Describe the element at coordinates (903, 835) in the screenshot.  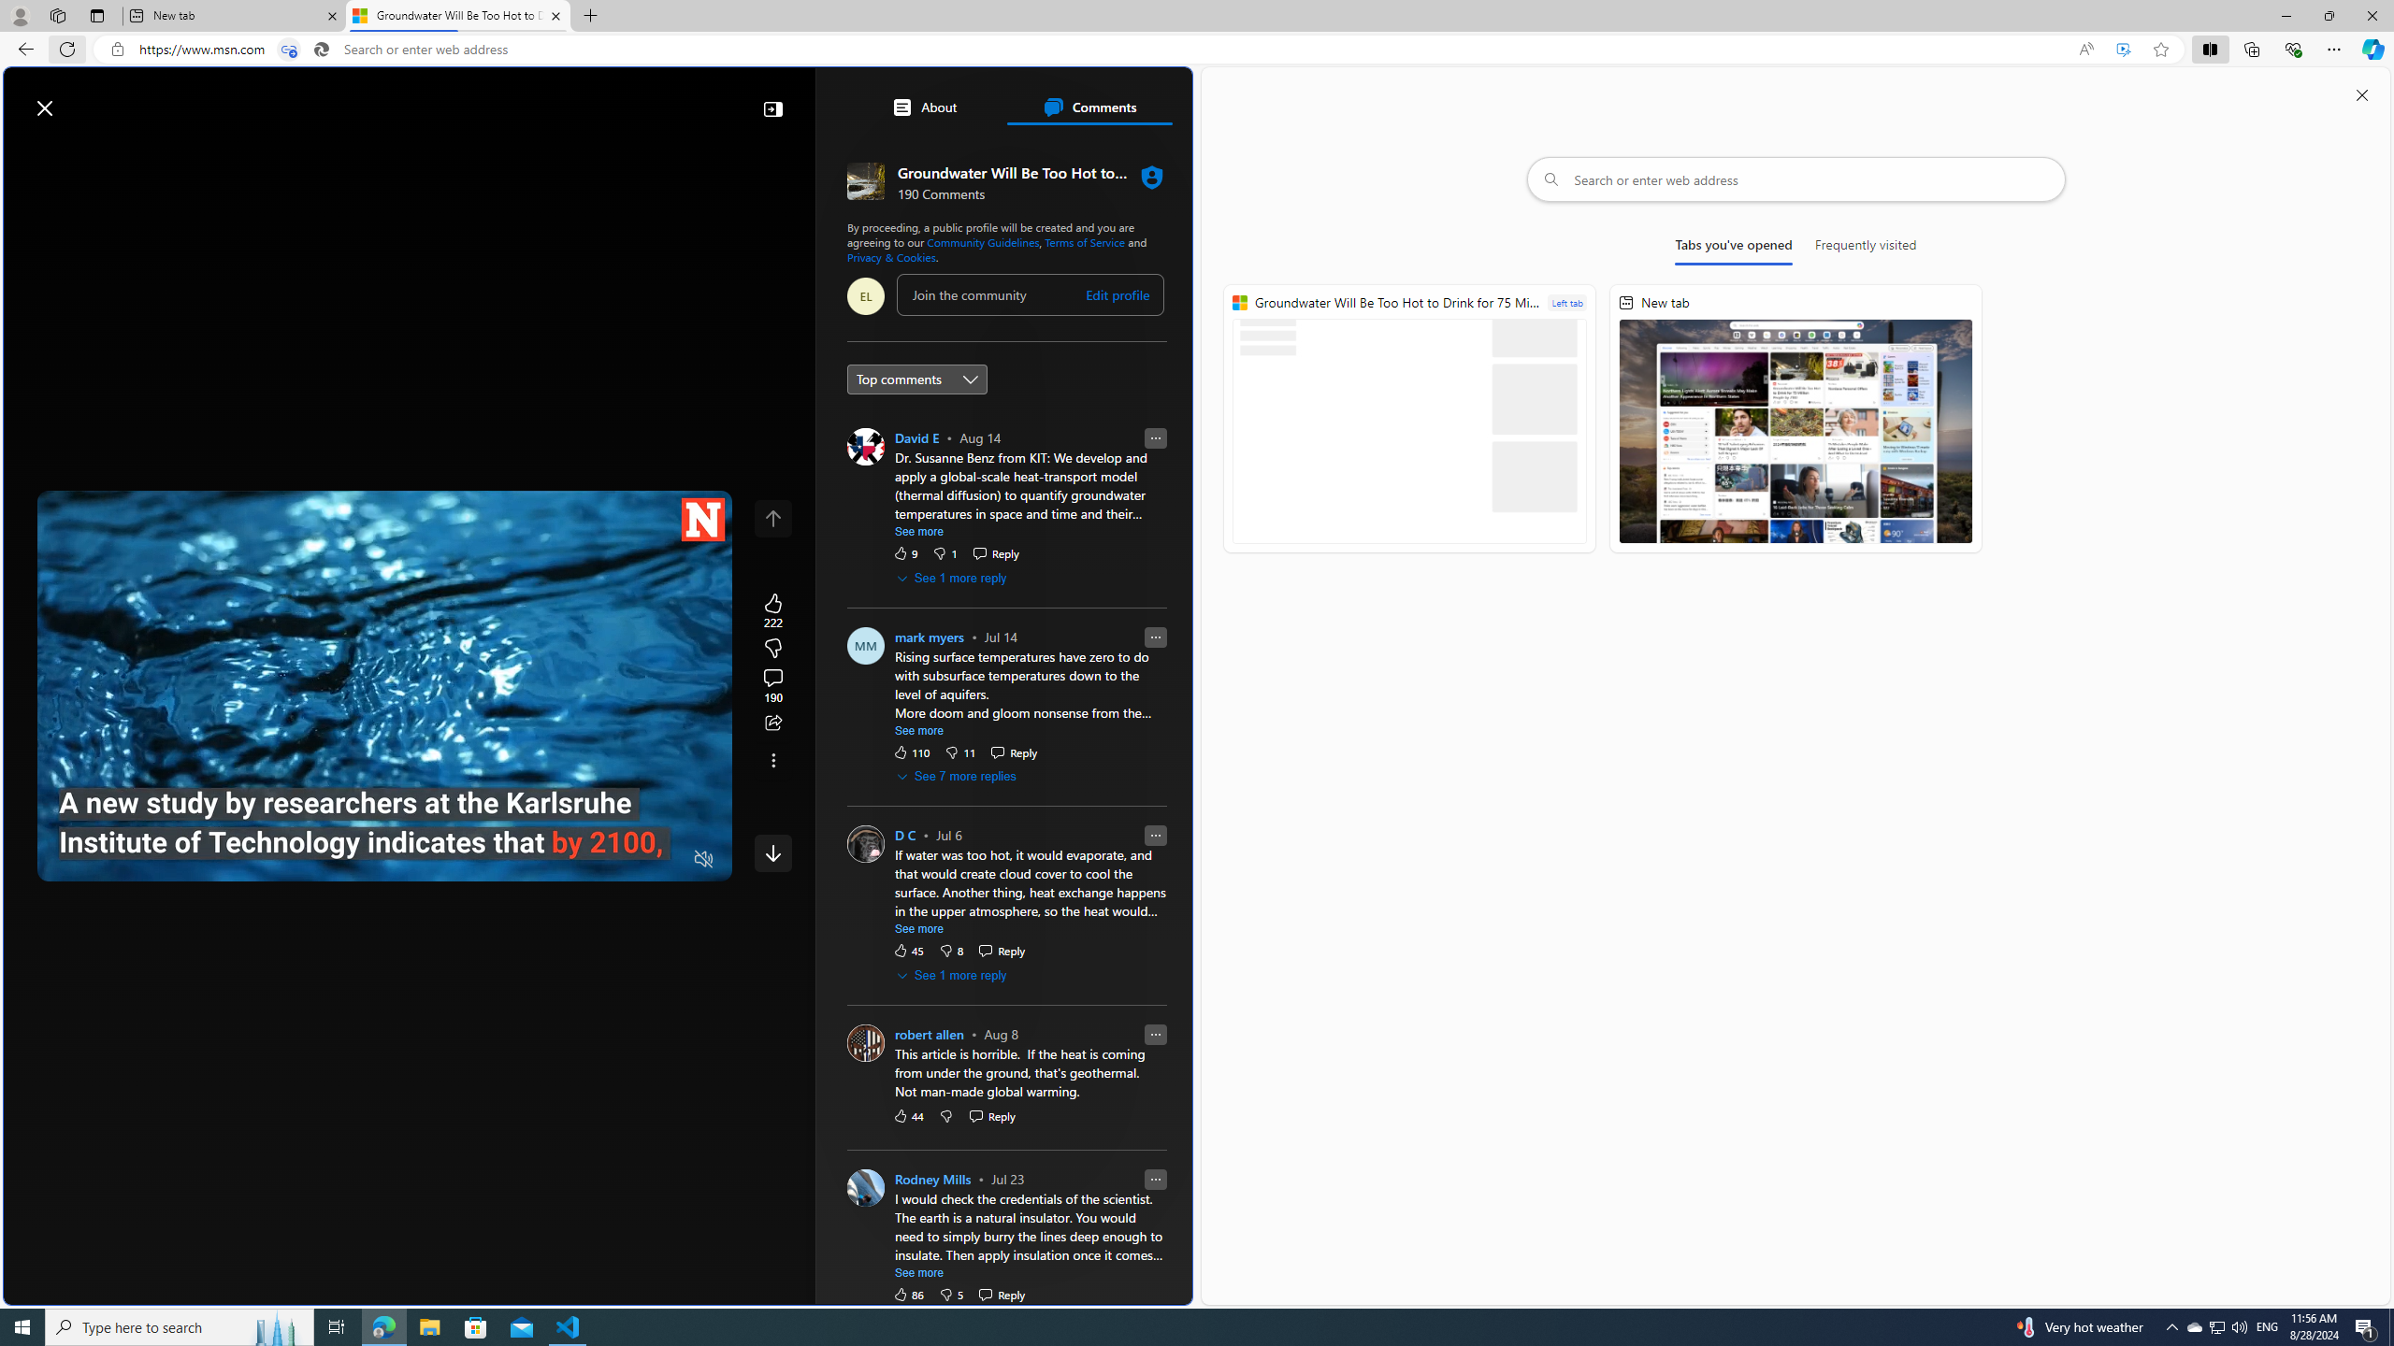
I see `'D C'` at that location.